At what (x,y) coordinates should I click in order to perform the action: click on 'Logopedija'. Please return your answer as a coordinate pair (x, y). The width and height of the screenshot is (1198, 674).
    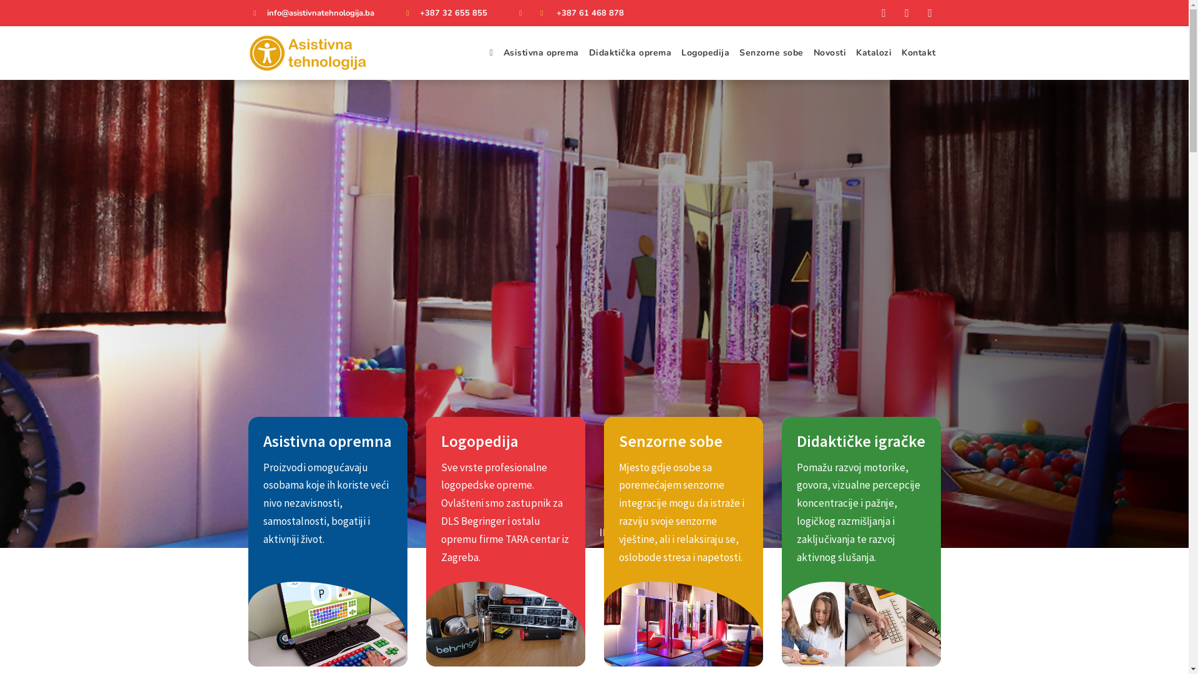
    Looking at the image, I should click on (705, 52).